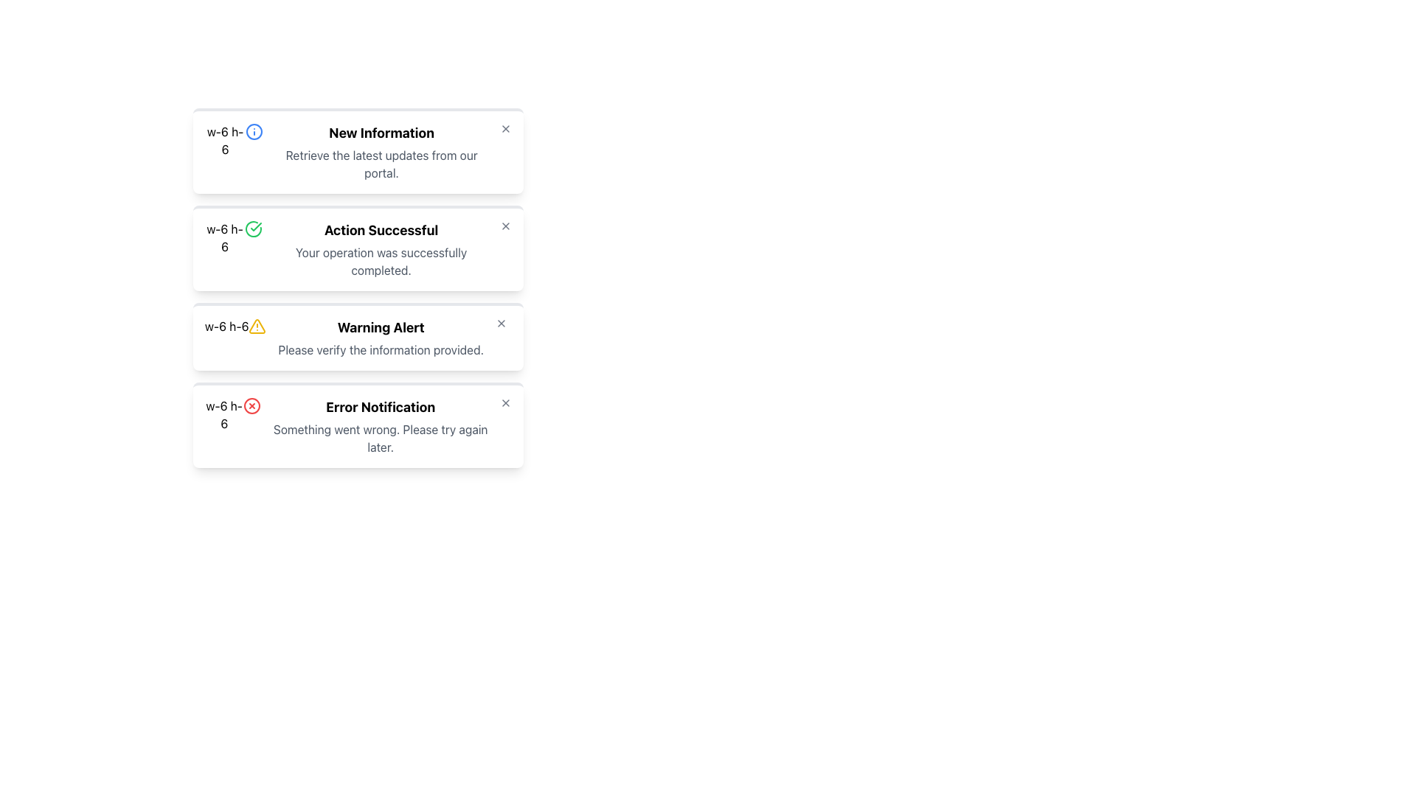 This screenshot has width=1416, height=796. What do you see at coordinates (381, 407) in the screenshot?
I see `the 'Error Notification' text label for accessibility by moving the cursor to its center point` at bounding box center [381, 407].